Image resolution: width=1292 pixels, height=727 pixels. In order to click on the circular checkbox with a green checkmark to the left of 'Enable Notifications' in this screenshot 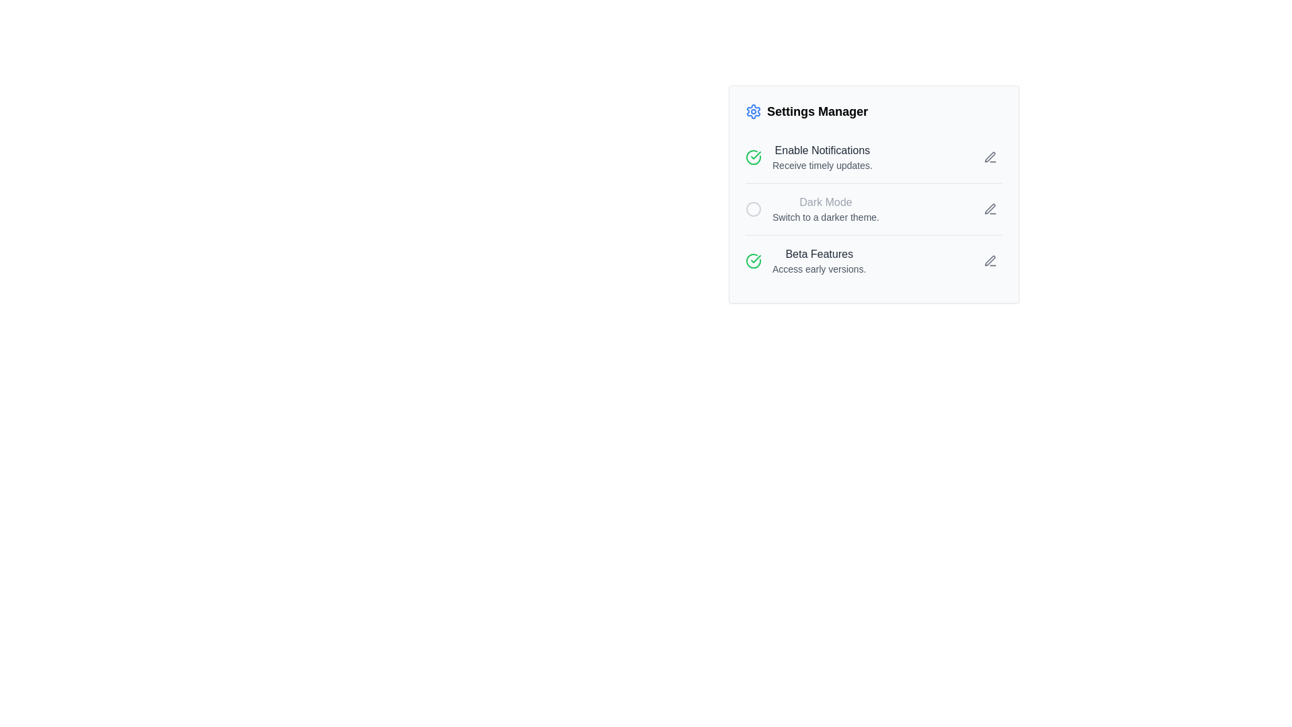, I will do `click(752, 157)`.